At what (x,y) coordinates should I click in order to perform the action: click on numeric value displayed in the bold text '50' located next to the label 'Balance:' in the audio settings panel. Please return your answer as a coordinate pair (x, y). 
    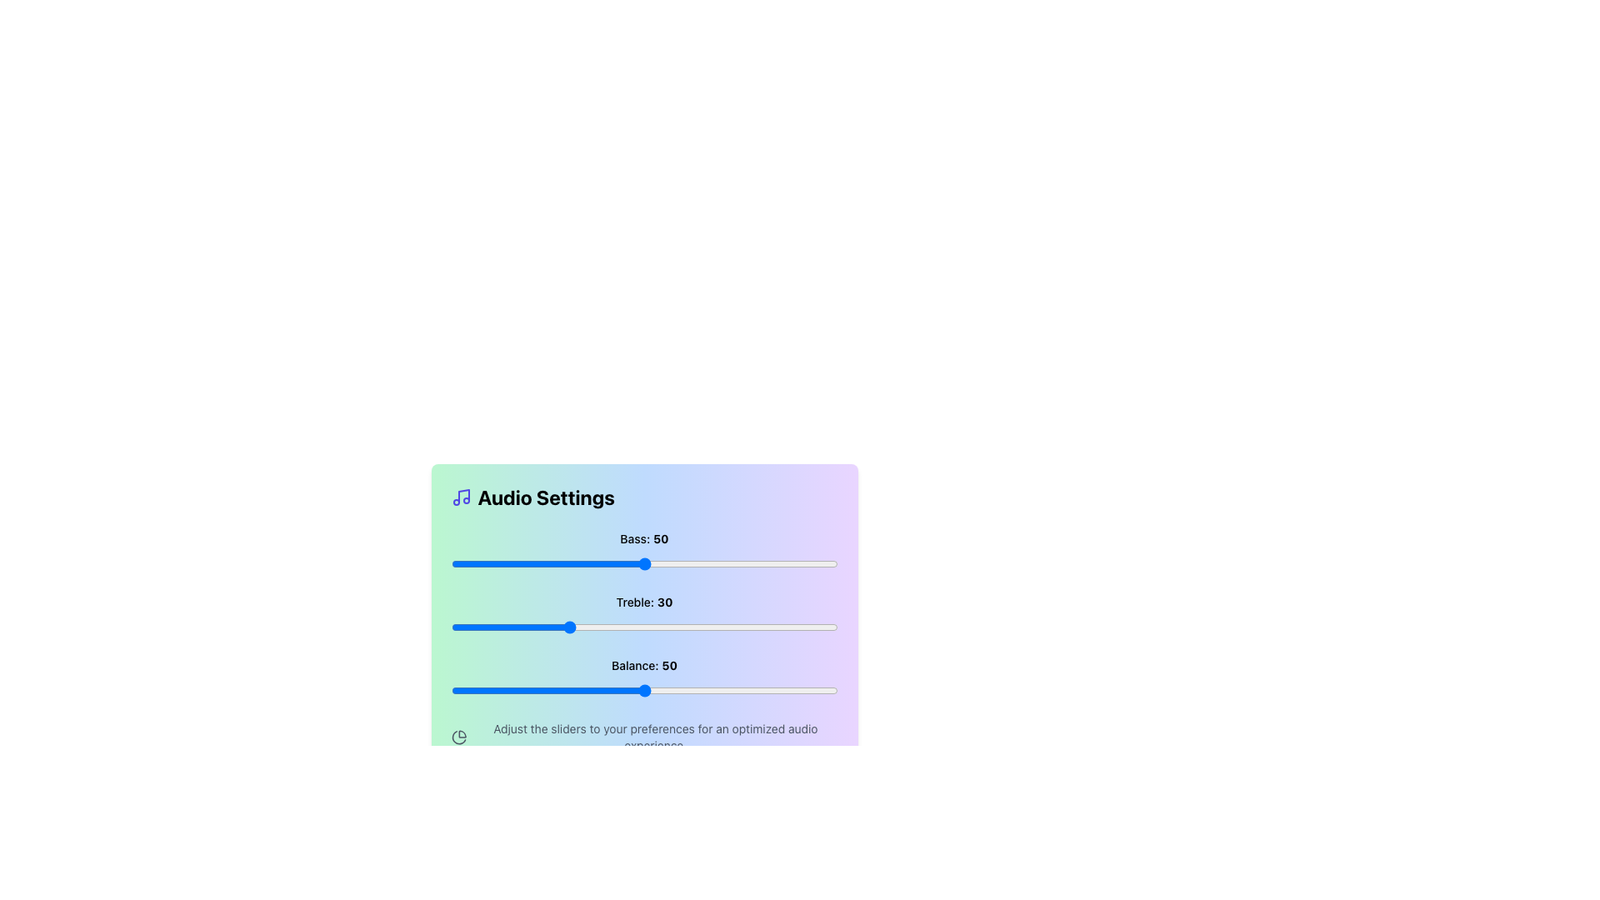
    Looking at the image, I should click on (669, 664).